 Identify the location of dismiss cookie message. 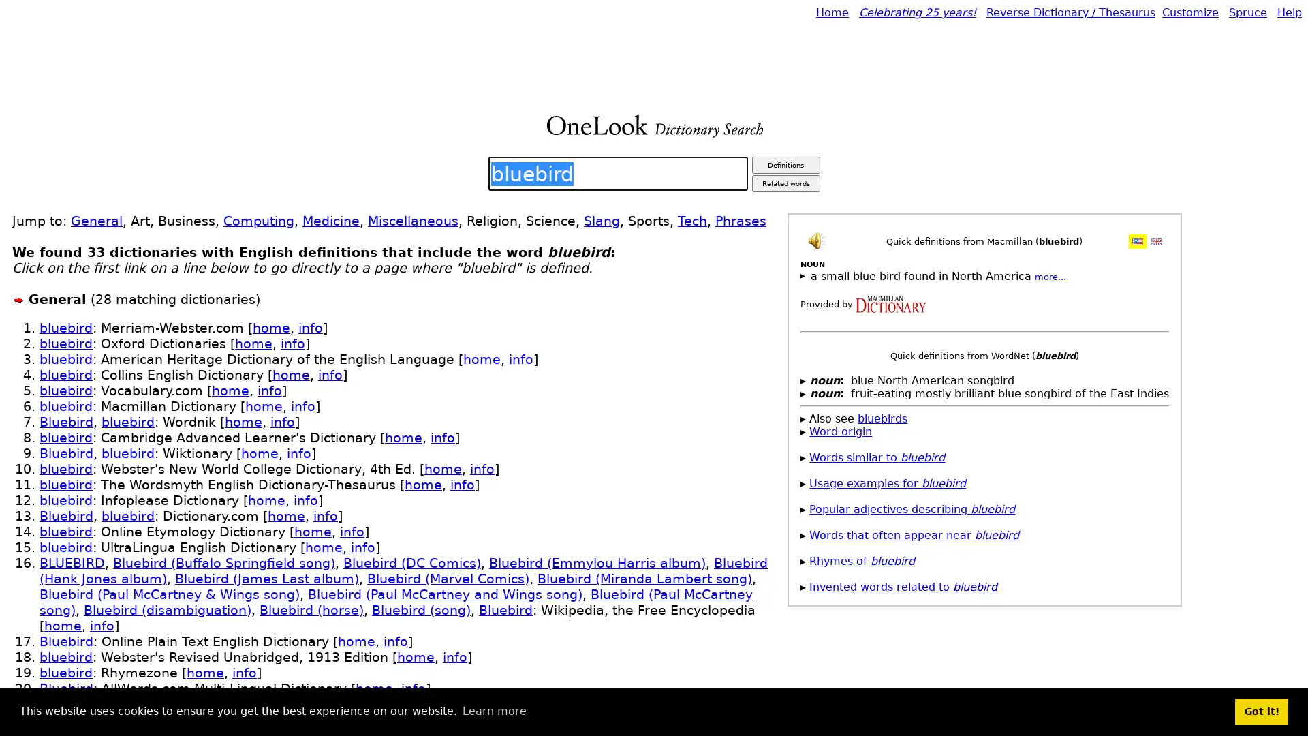
(1261, 711).